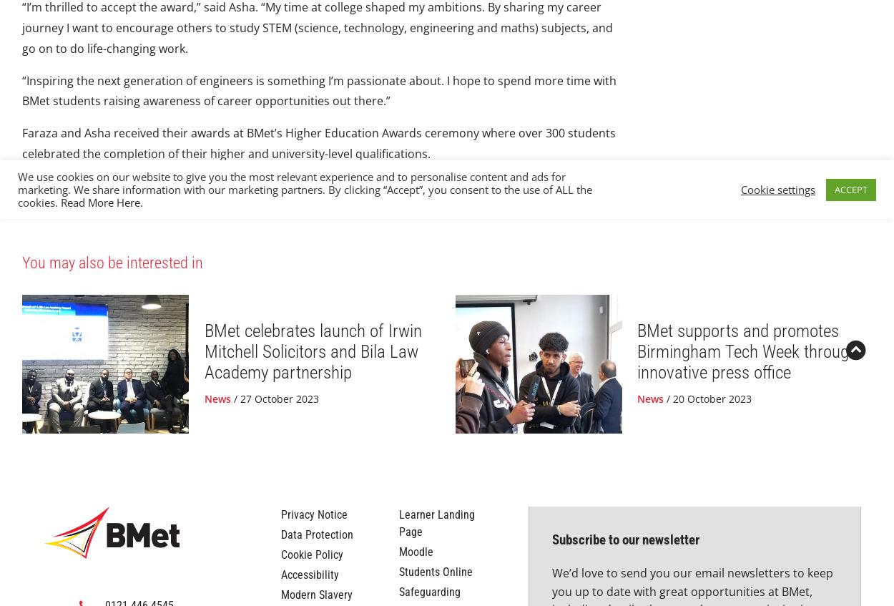 This screenshot has height=606, width=894. What do you see at coordinates (707, 503) in the screenshot?
I see `'/ 20 October 2023'` at bounding box center [707, 503].